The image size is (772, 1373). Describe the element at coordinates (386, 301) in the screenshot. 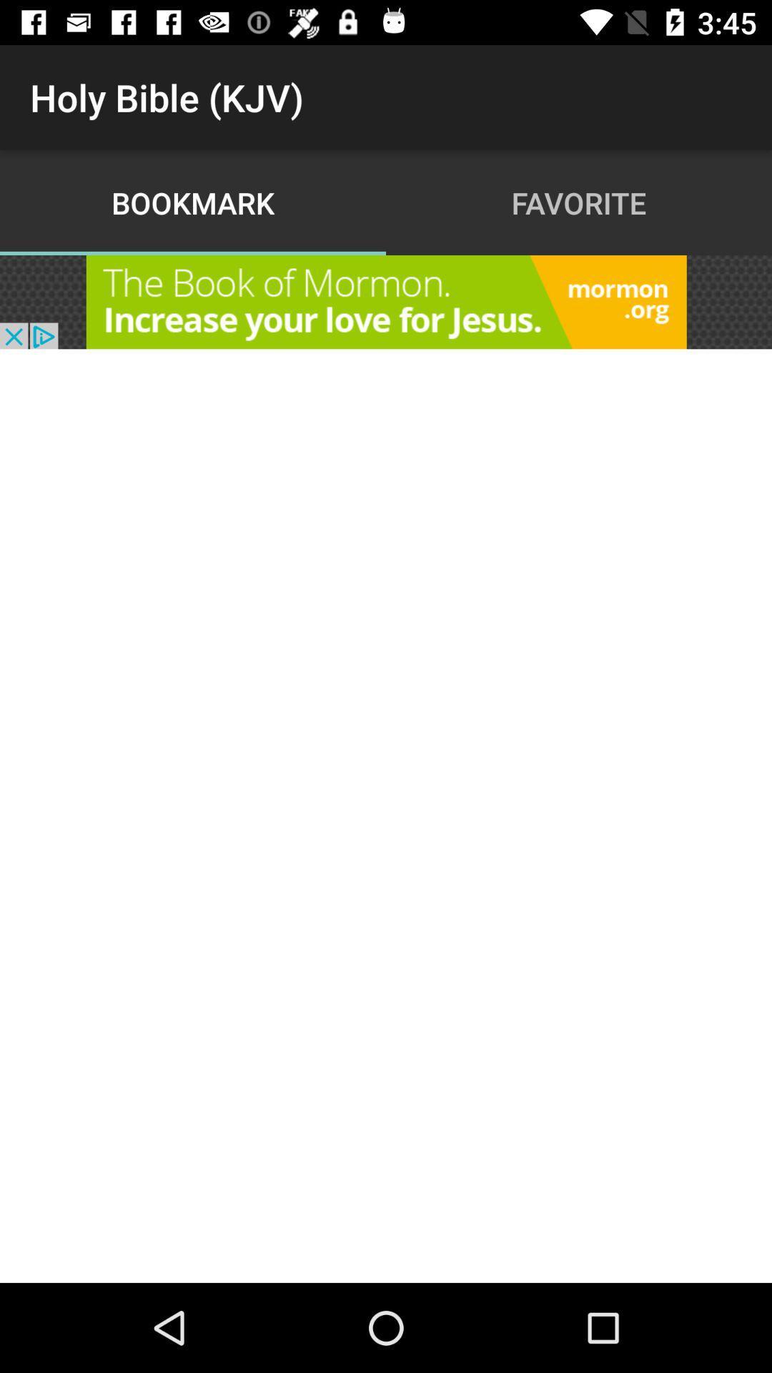

I see `adventisment page` at that location.